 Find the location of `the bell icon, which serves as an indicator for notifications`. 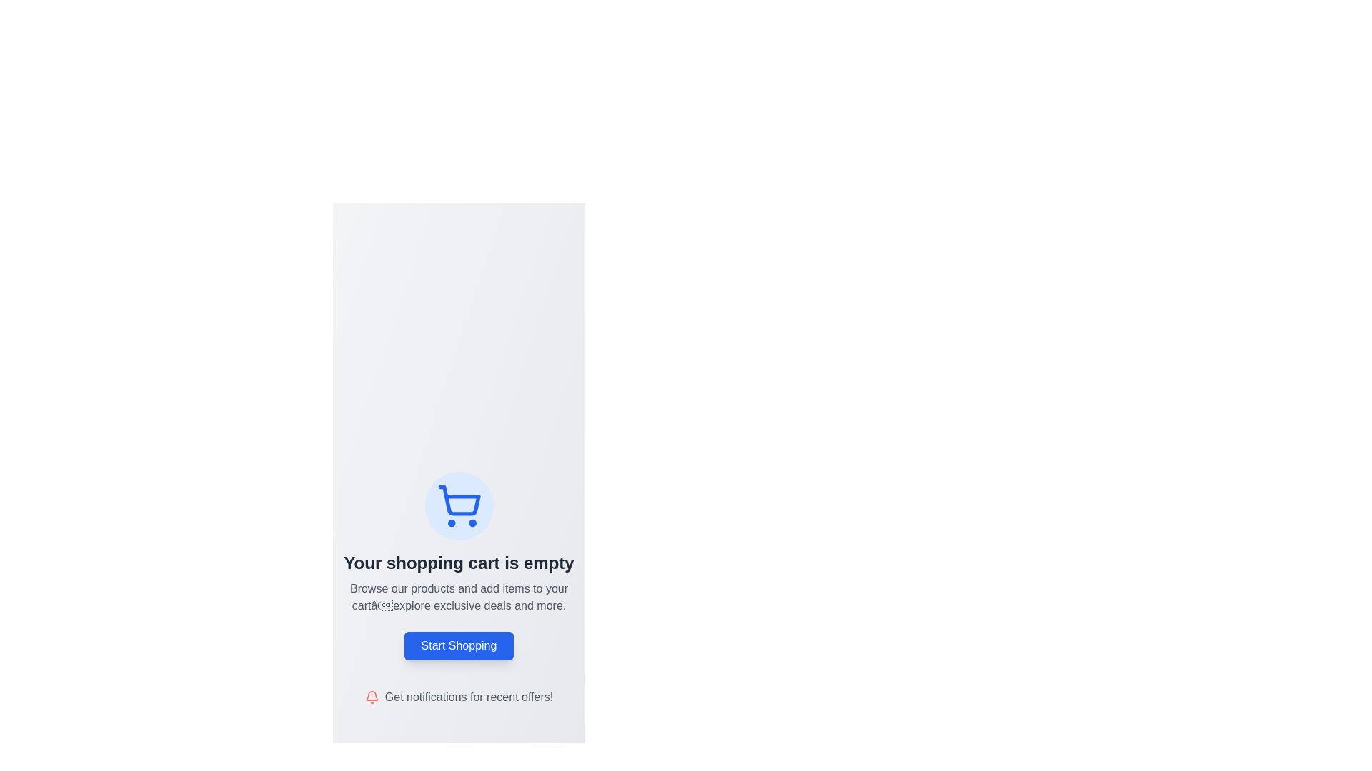

the bell icon, which serves as an indicator for notifications is located at coordinates (372, 696).